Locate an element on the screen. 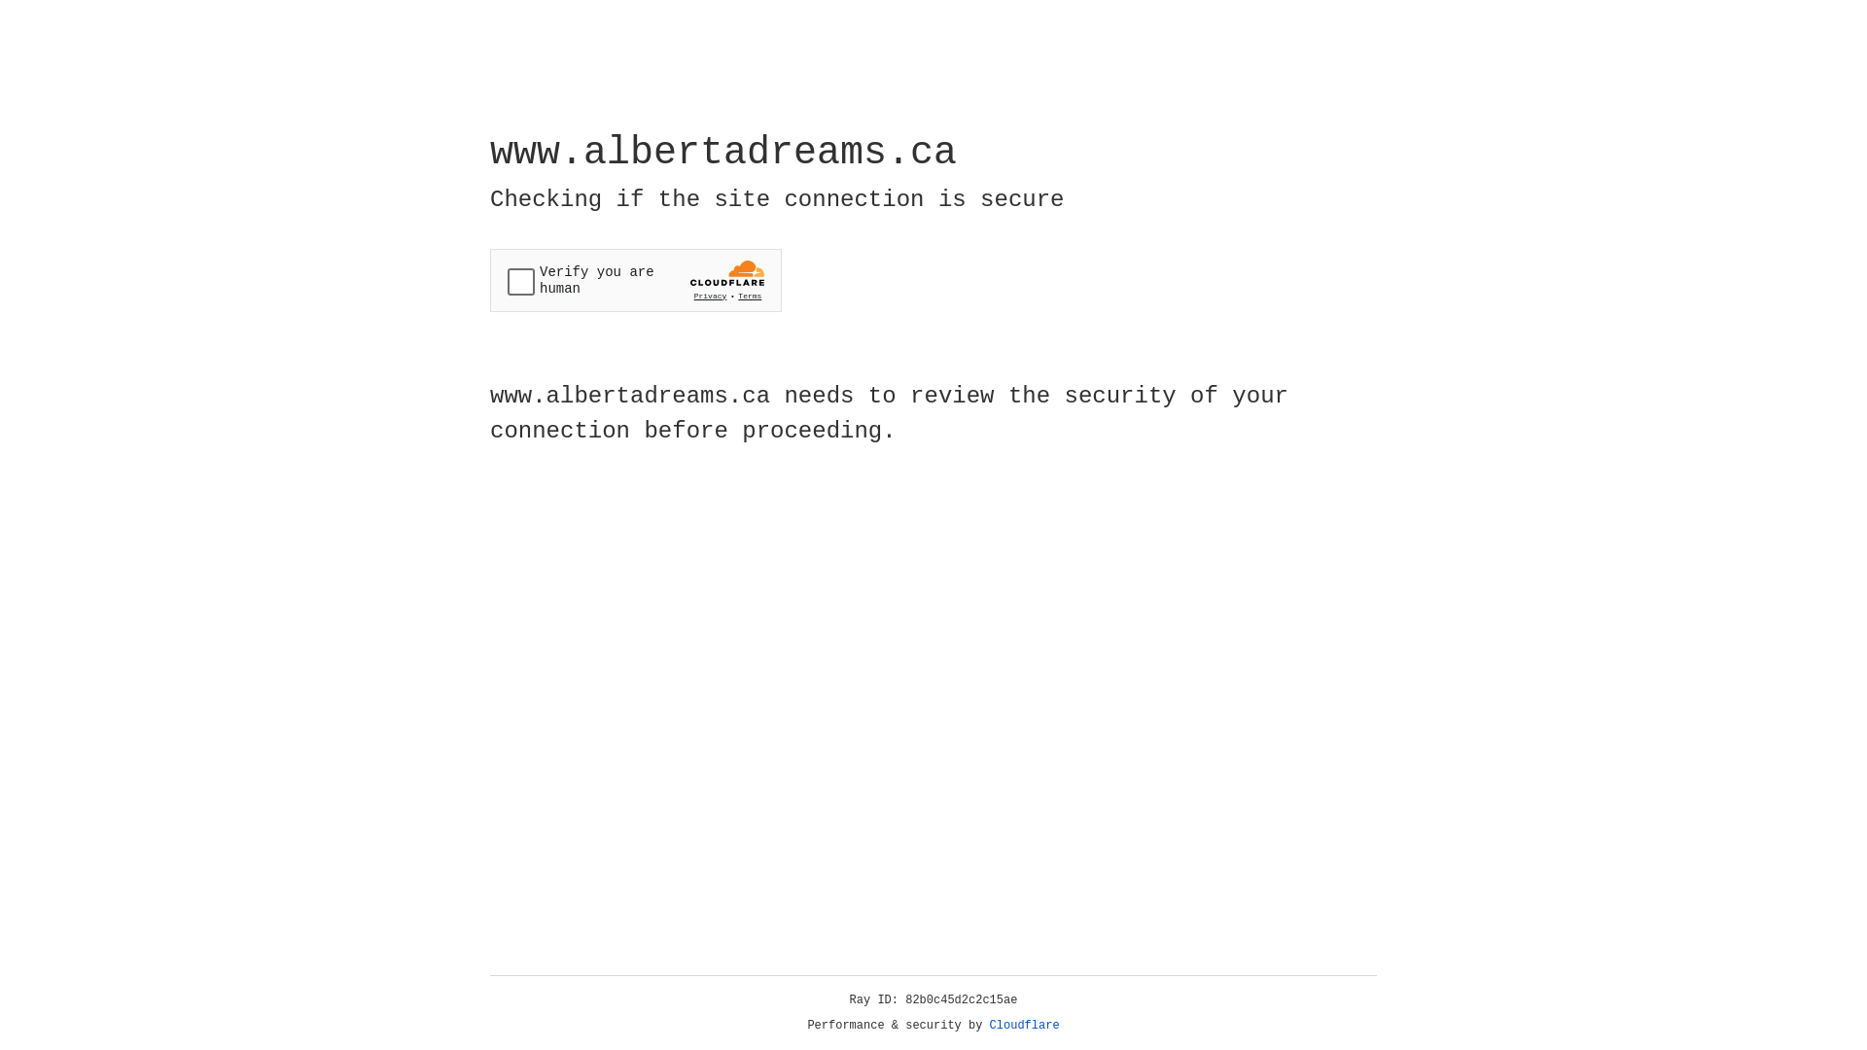  'Cloudflare' is located at coordinates (1024, 1025).